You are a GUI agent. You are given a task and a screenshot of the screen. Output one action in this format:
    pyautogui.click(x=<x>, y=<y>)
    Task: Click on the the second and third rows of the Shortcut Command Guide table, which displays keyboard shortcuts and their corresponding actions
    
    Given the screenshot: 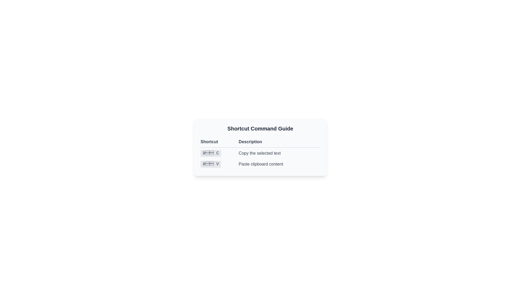 What is the action you would take?
    pyautogui.click(x=260, y=158)
    